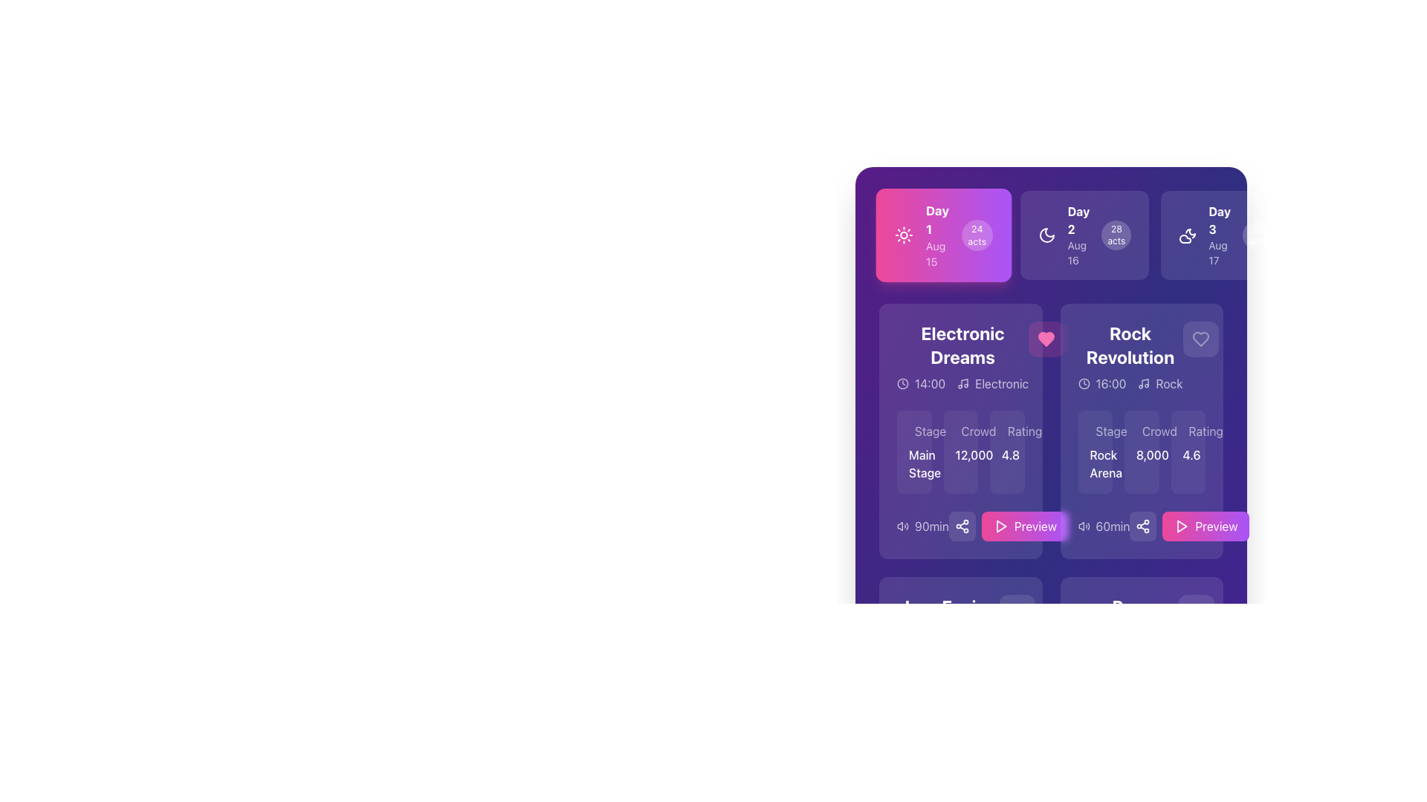 The image size is (1427, 802). What do you see at coordinates (962, 526) in the screenshot?
I see `the button resembling a share or connection symbol, located below the 'Electronic Dreams' event description section` at bounding box center [962, 526].